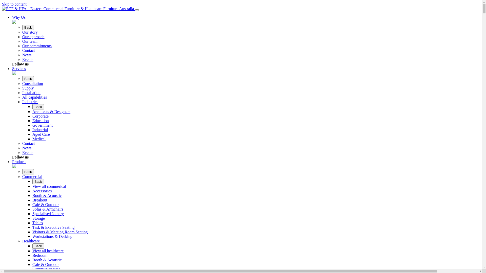  What do you see at coordinates (135, 10) in the screenshot?
I see `'Close menu'` at bounding box center [135, 10].